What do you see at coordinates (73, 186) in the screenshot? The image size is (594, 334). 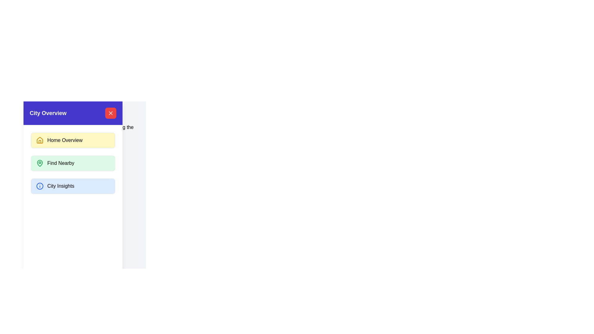 I see `the menu item City Insights` at bounding box center [73, 186].